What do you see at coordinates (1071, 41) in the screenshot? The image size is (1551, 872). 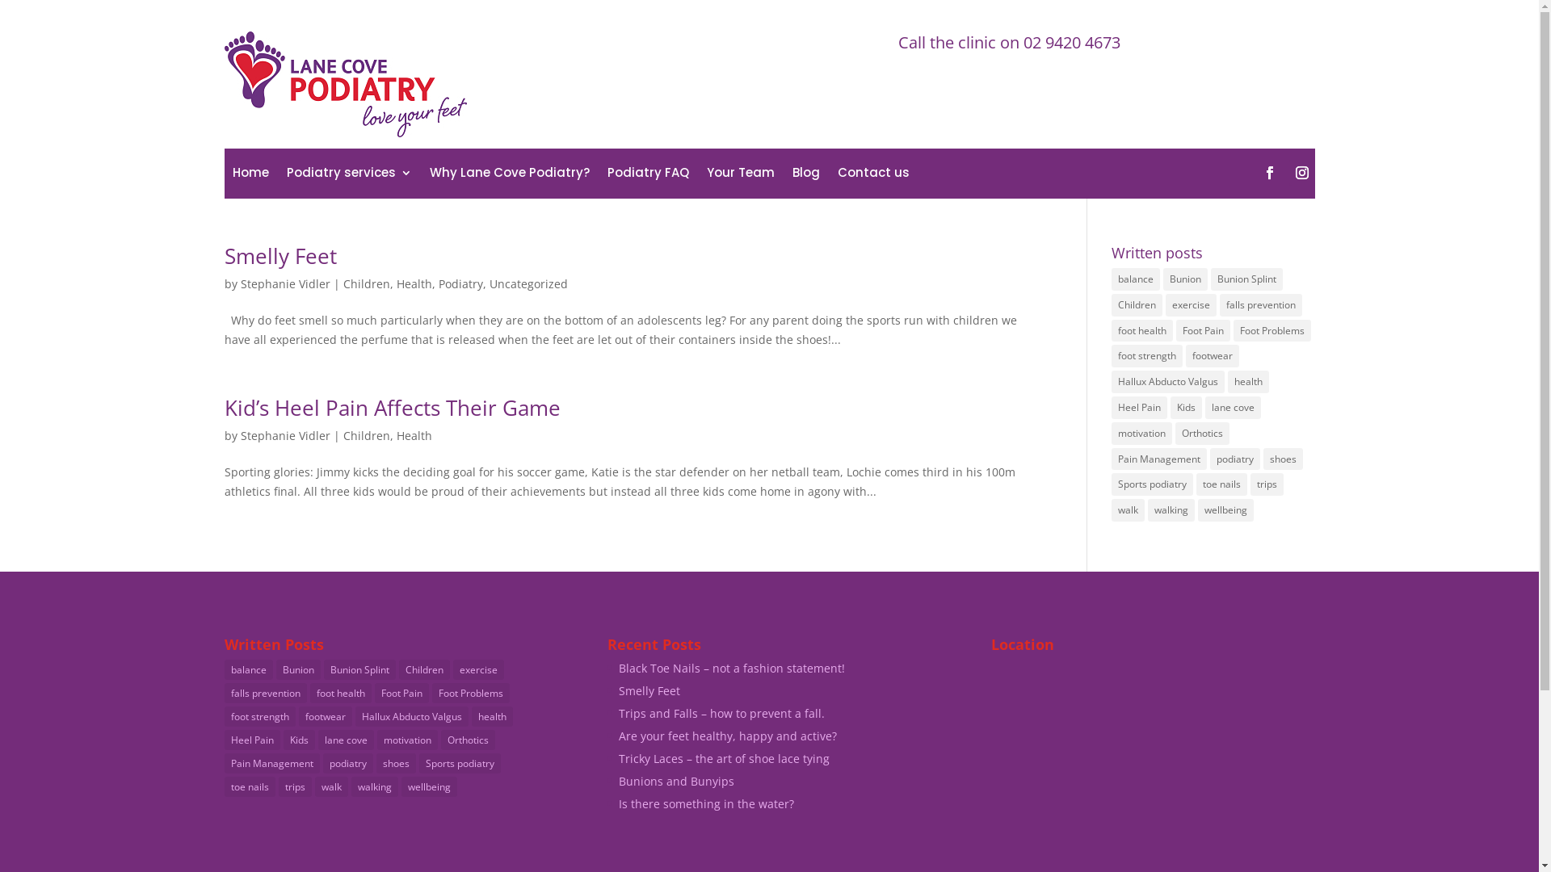 I see `'02 9420 4673'` at bounding box center [1071, 41].